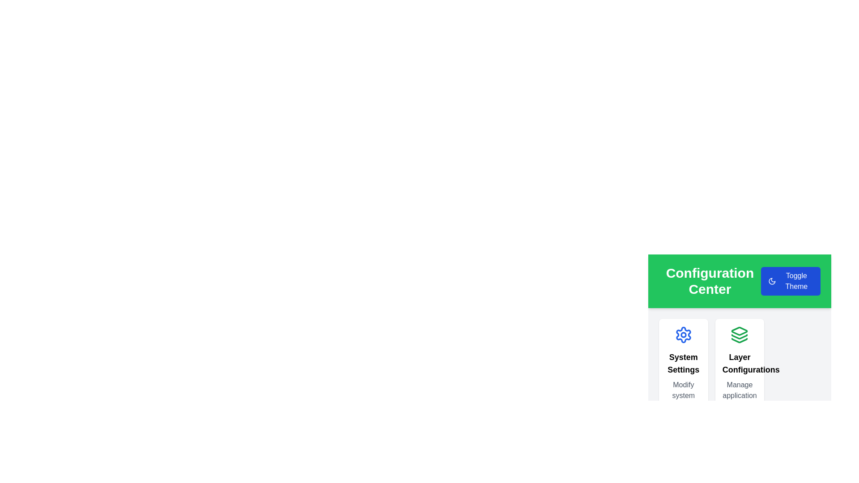  What do you see at coordinates (683, 335) in the screenshot?
I see `the gear-shaped icon in bold blue color, which is centrally aligned in the 'System Settings' tile within the 'Configuration Center' interface` at bounding box center [683, 335].